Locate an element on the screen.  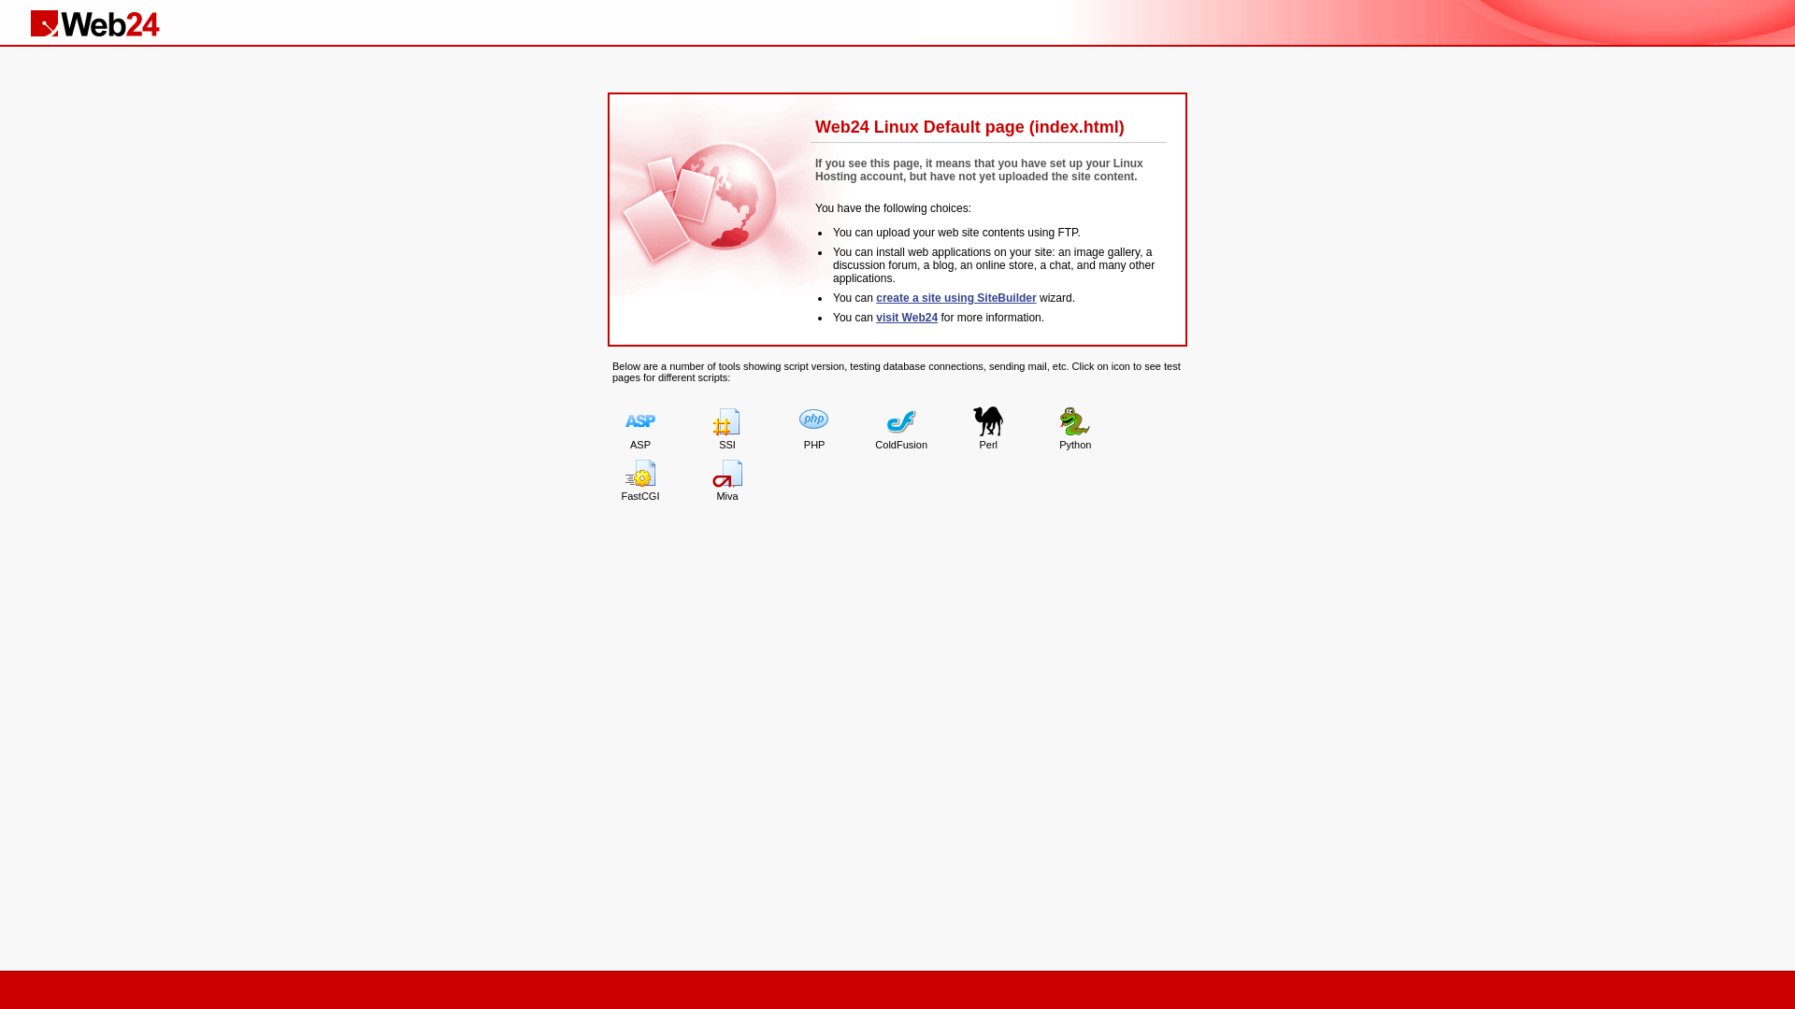
'ColdFusion' is located at coordinates (901, 429).